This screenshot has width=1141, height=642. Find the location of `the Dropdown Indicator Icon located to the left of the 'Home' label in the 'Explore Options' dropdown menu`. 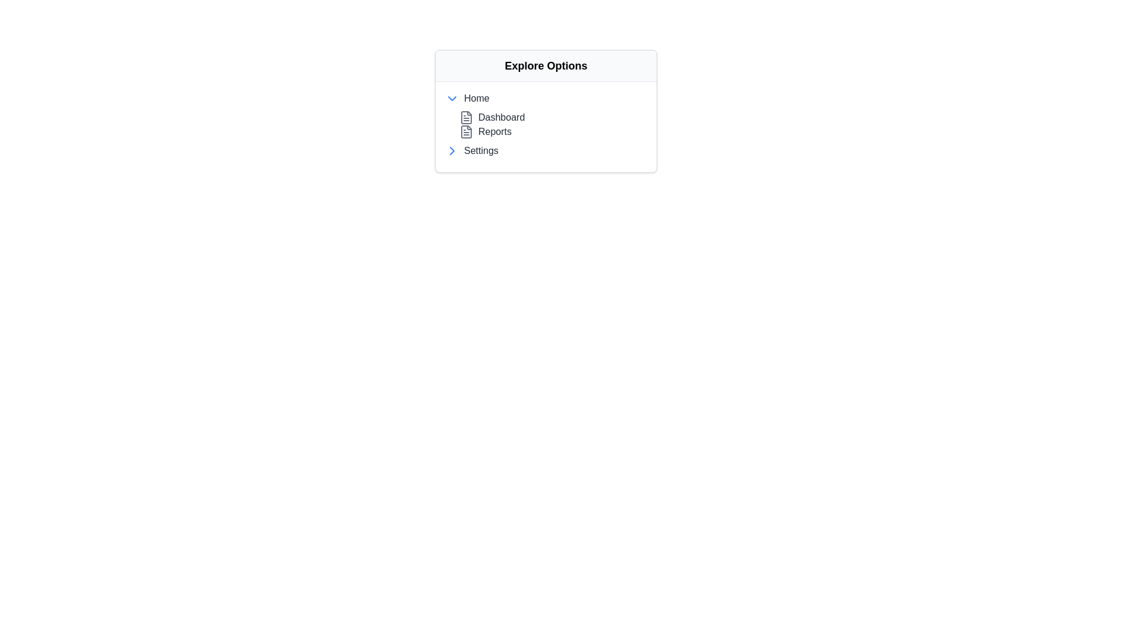

the Dropdown Indicator Icon located to the left of the 'Home' label in the 'Explore Options' dropdown menu is located at coordinates (452, 97).